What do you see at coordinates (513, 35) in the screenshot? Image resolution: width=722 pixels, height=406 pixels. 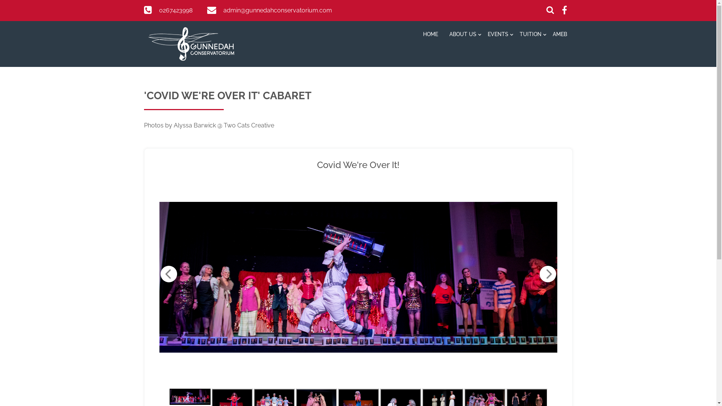 I see `'TUITION'` at bounding box center [513, 35].